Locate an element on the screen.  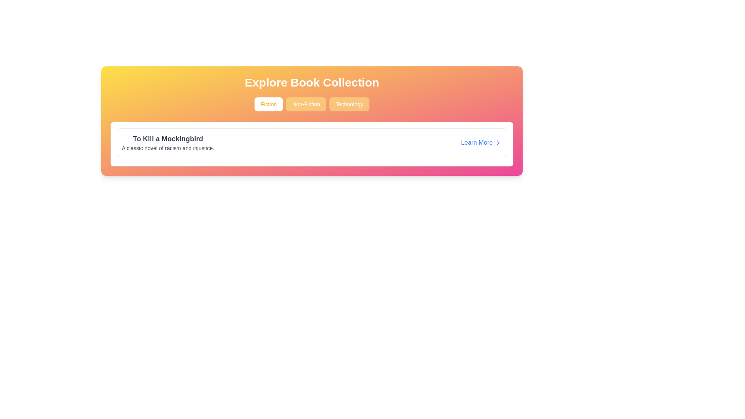
the 'Technology' button, which is the third button in a horizontal group of three is located at coordinates (349, 104).